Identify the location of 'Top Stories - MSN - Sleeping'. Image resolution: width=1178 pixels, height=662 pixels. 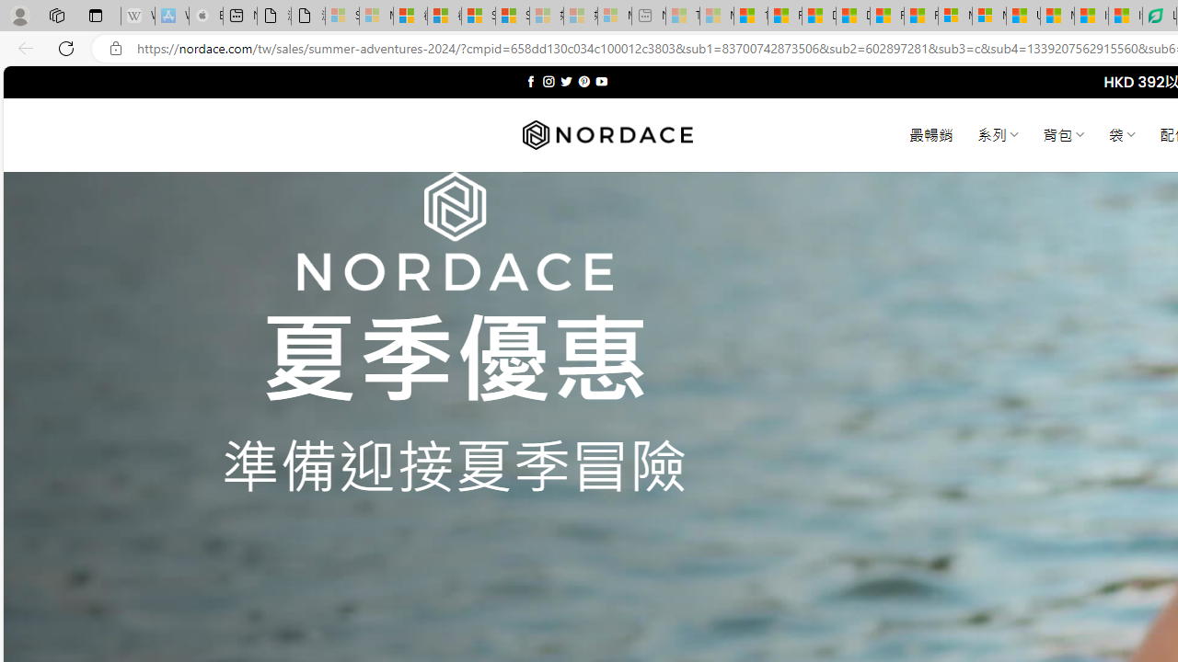
(682, 16).